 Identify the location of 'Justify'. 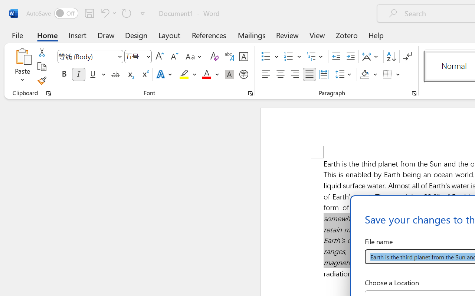
(309, 74).